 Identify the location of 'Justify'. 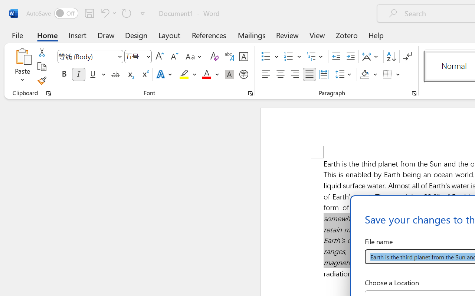
(309, 74).